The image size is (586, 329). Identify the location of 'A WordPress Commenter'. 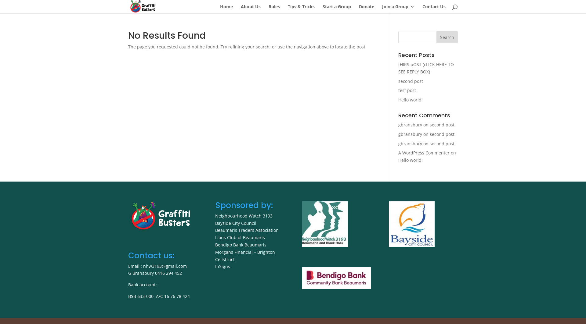
(423, 152).